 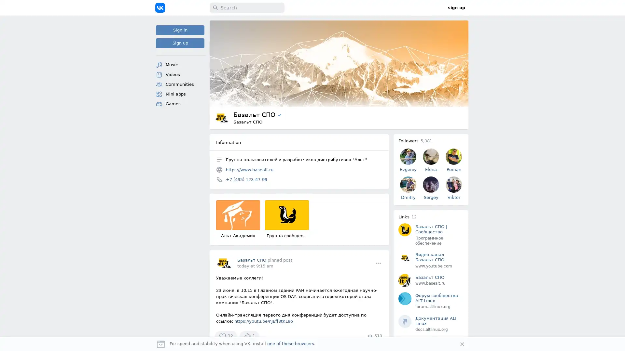 I want to click on Actions, so click(x=378, y=263).